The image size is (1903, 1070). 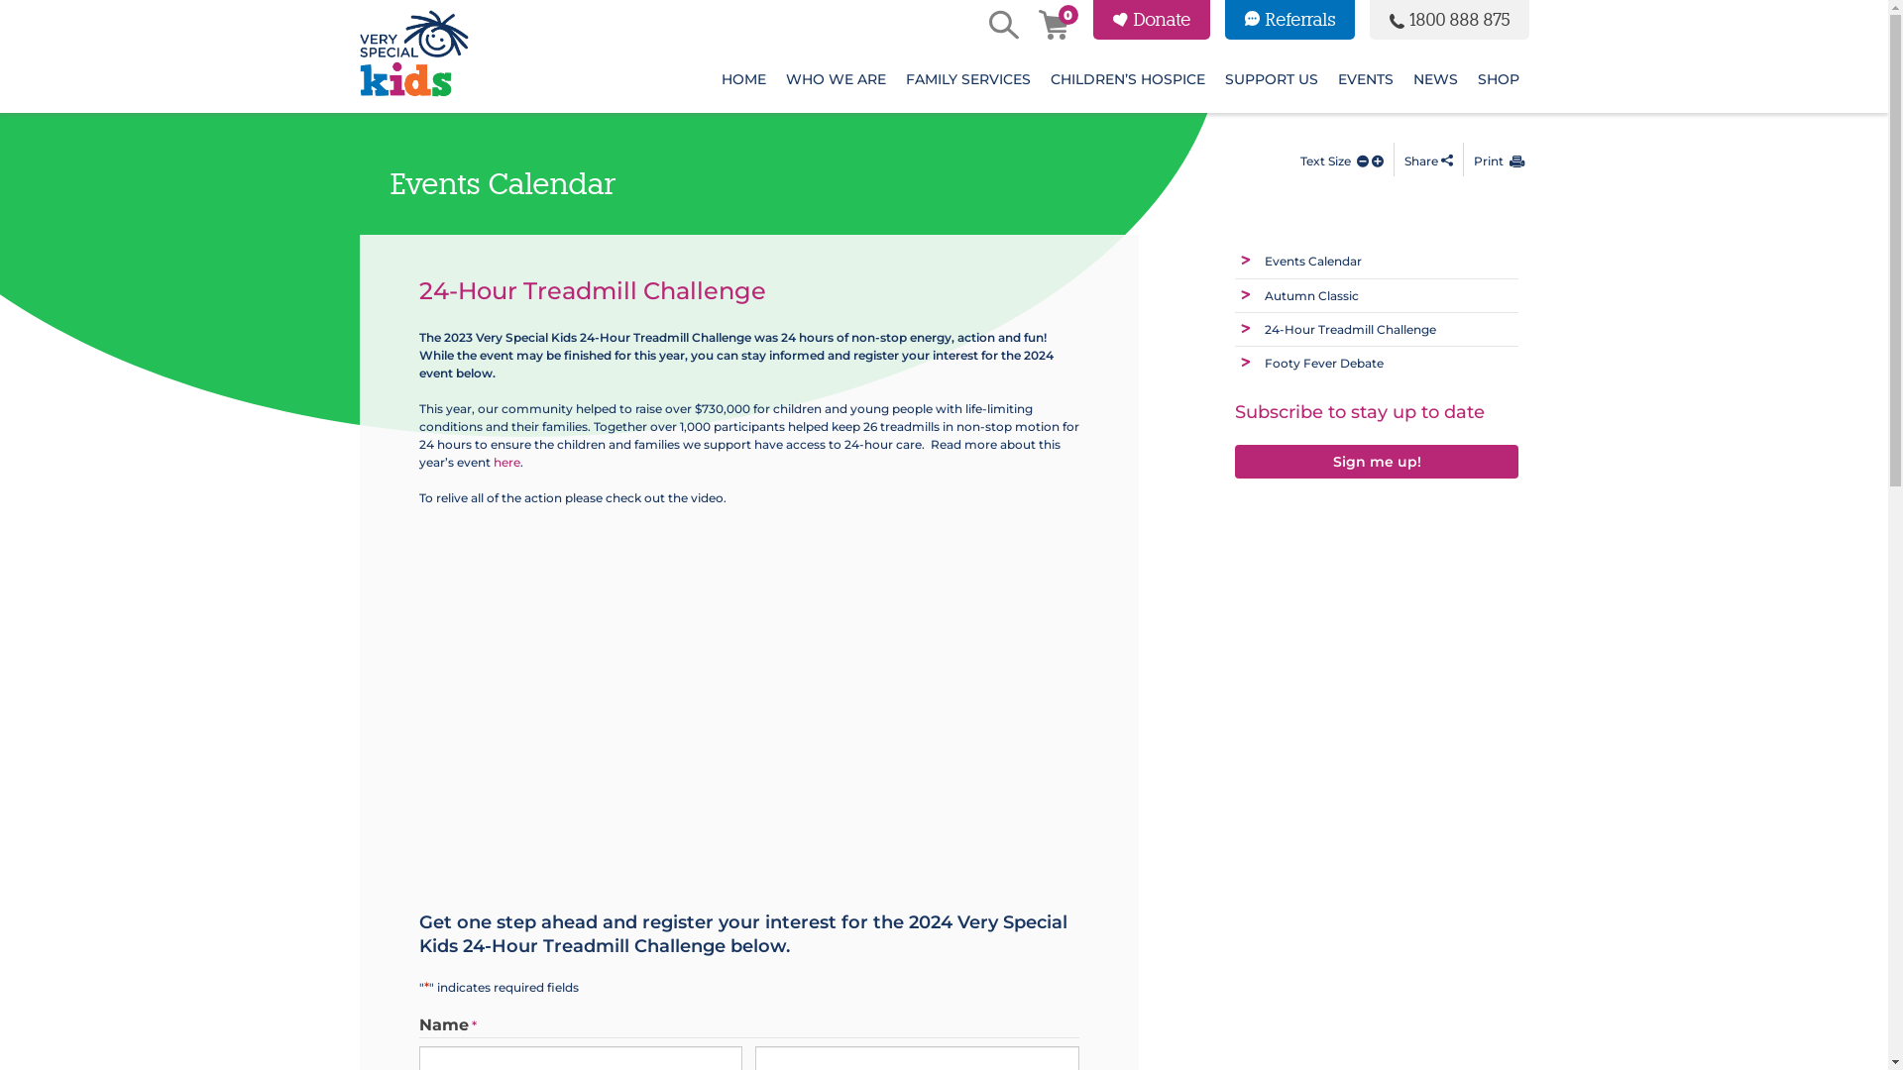 What do you see at coordinates (742, 78) in the screenshot?
I see `'HOME'` at bounding box center [742, 78].